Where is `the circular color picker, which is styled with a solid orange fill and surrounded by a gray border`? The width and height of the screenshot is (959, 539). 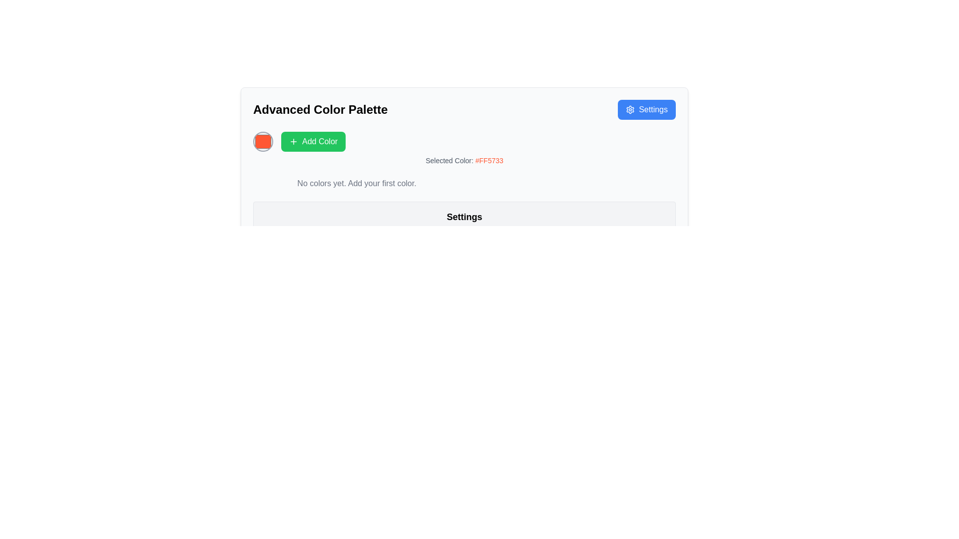 the circular color picker, which is styled with a solid orange fill and surrounded by a gray border is located at coordinates (263, 142).